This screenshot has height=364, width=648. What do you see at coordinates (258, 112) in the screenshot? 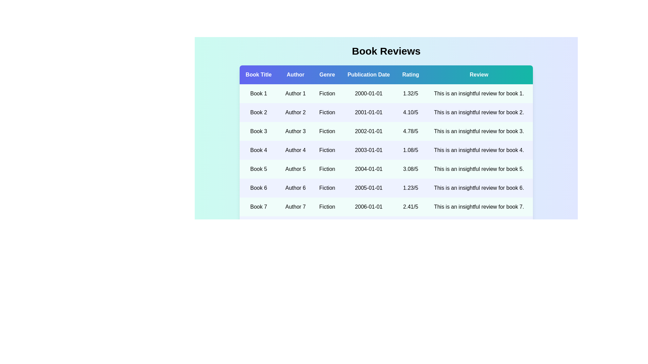
I see `the book title Book 2 to view its details` at bounding box center [258, 112].